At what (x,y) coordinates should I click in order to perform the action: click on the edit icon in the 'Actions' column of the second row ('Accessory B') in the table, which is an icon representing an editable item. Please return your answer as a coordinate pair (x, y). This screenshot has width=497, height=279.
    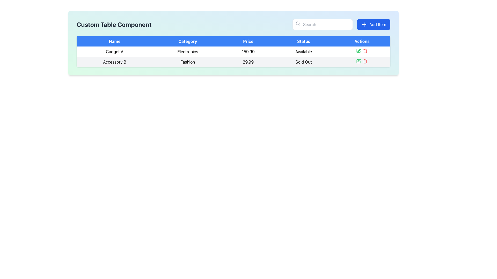
    Looking at the image, I should click on (358, 61).